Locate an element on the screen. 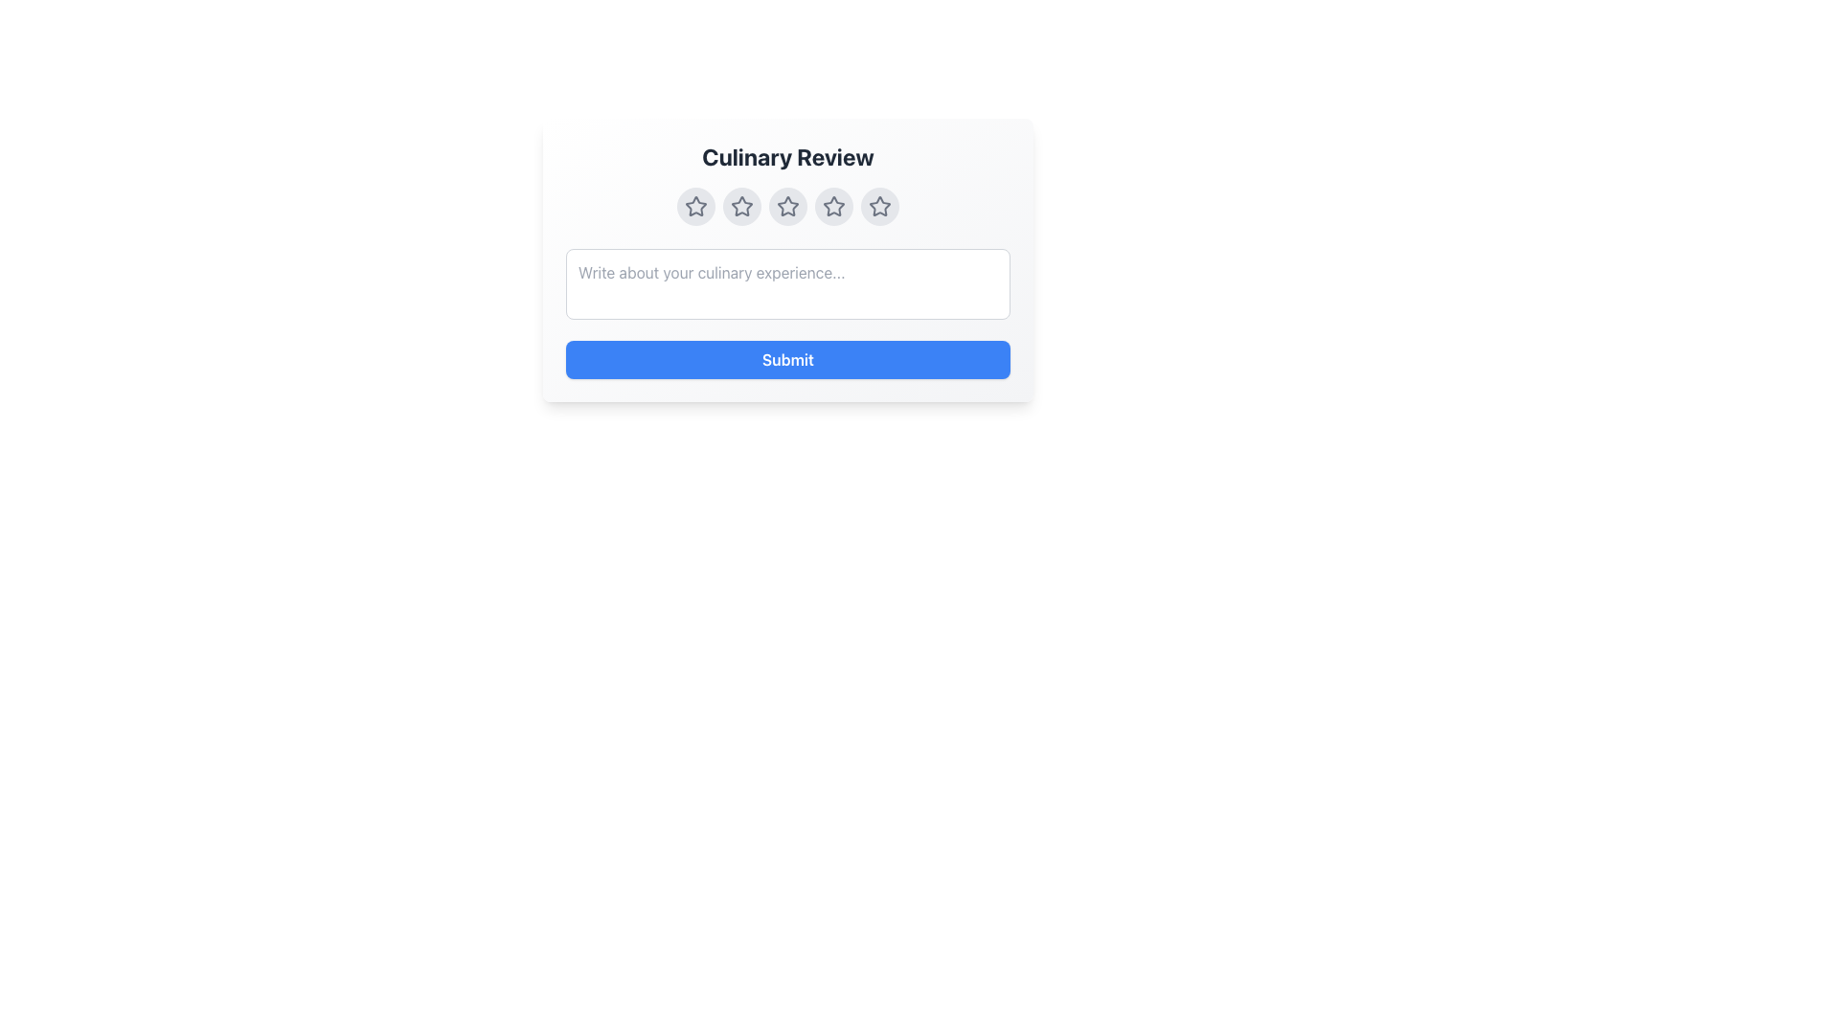  the second star rating icon in the row, which is a gray outlined star is located at coordinates (740, 207).